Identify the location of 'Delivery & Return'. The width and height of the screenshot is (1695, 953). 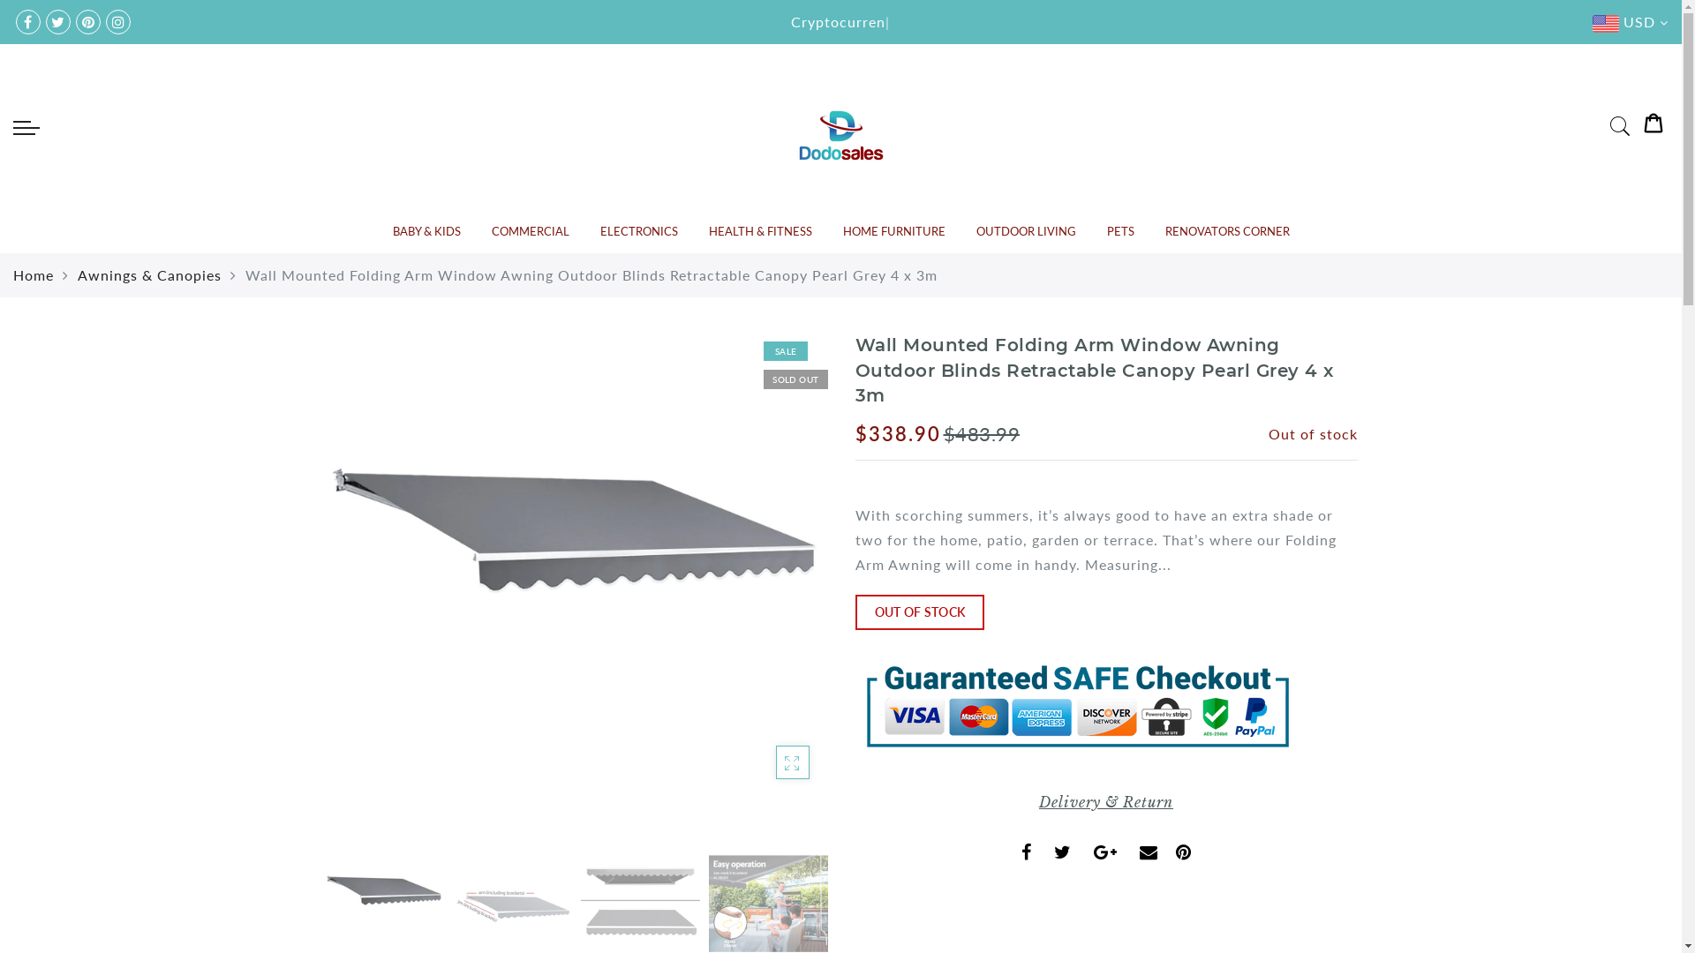
(1104, 802).